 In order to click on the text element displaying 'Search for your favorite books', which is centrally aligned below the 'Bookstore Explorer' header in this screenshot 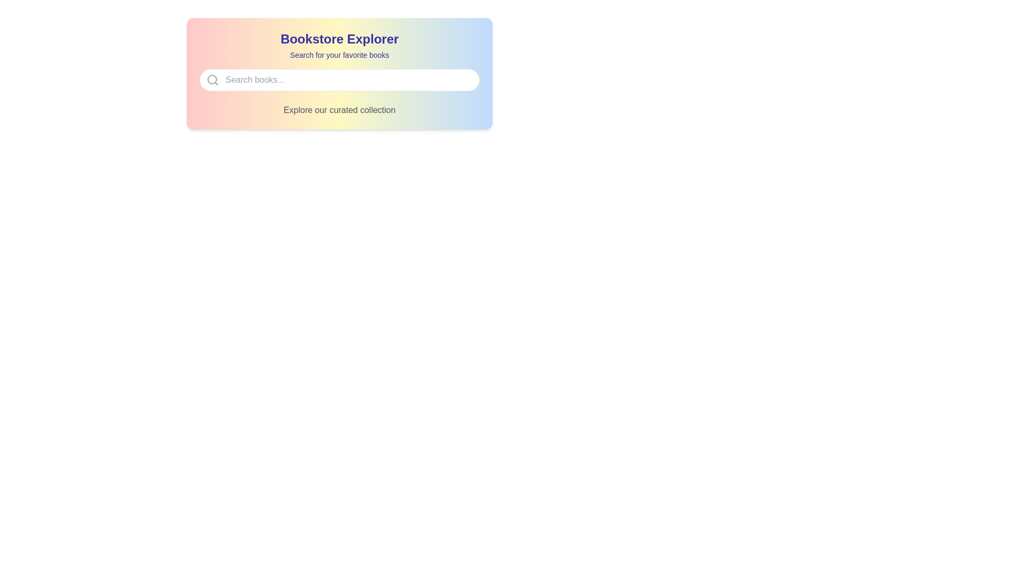, I will do `click(339, 55)`.